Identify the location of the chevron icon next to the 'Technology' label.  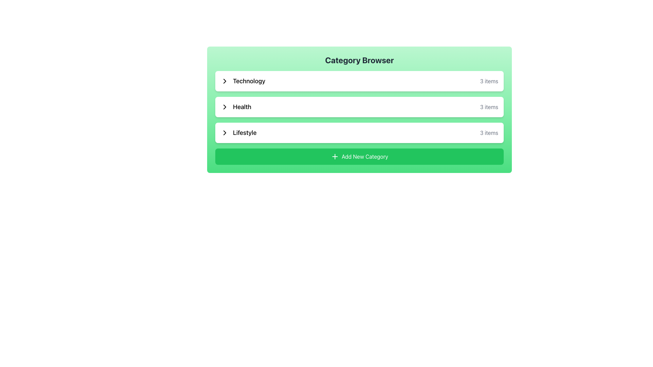
(225, 81).